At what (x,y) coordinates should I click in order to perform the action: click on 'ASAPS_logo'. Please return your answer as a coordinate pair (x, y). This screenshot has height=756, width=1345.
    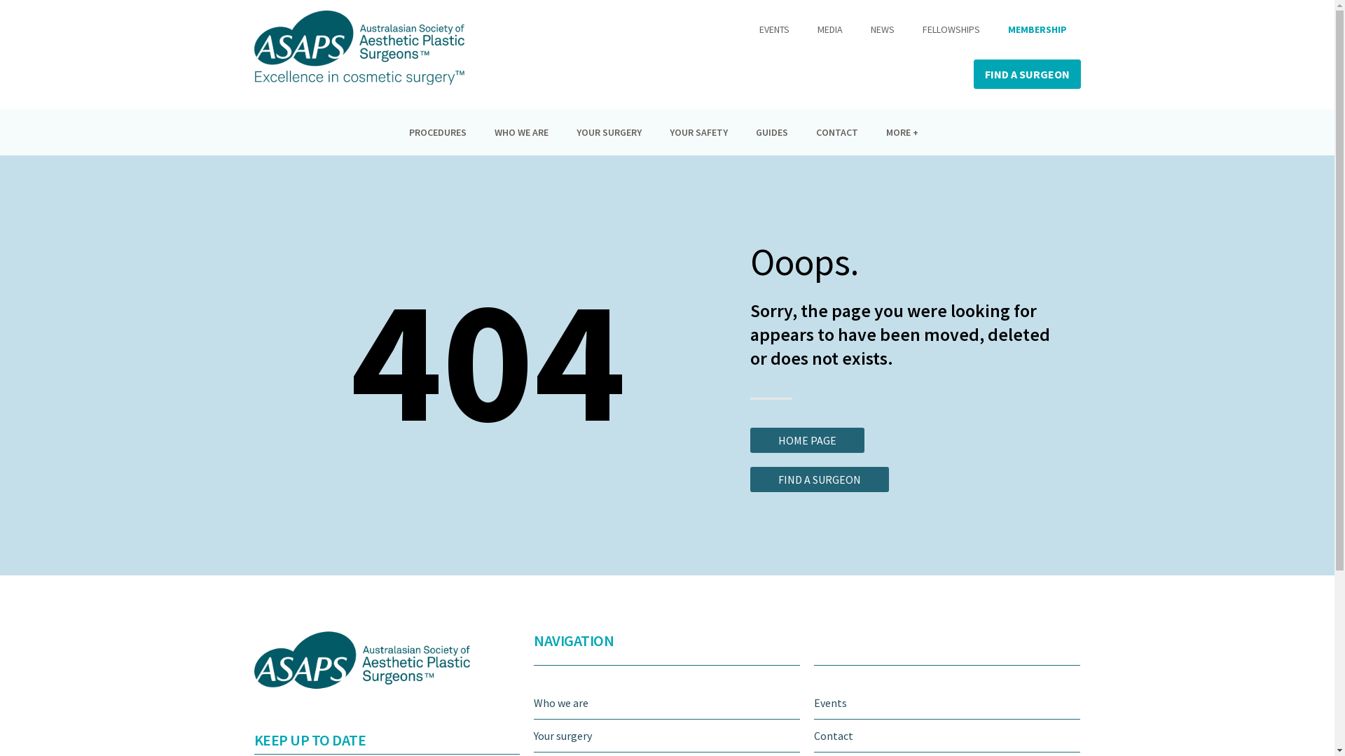
    Looking at the image, I should click on (359, 47).